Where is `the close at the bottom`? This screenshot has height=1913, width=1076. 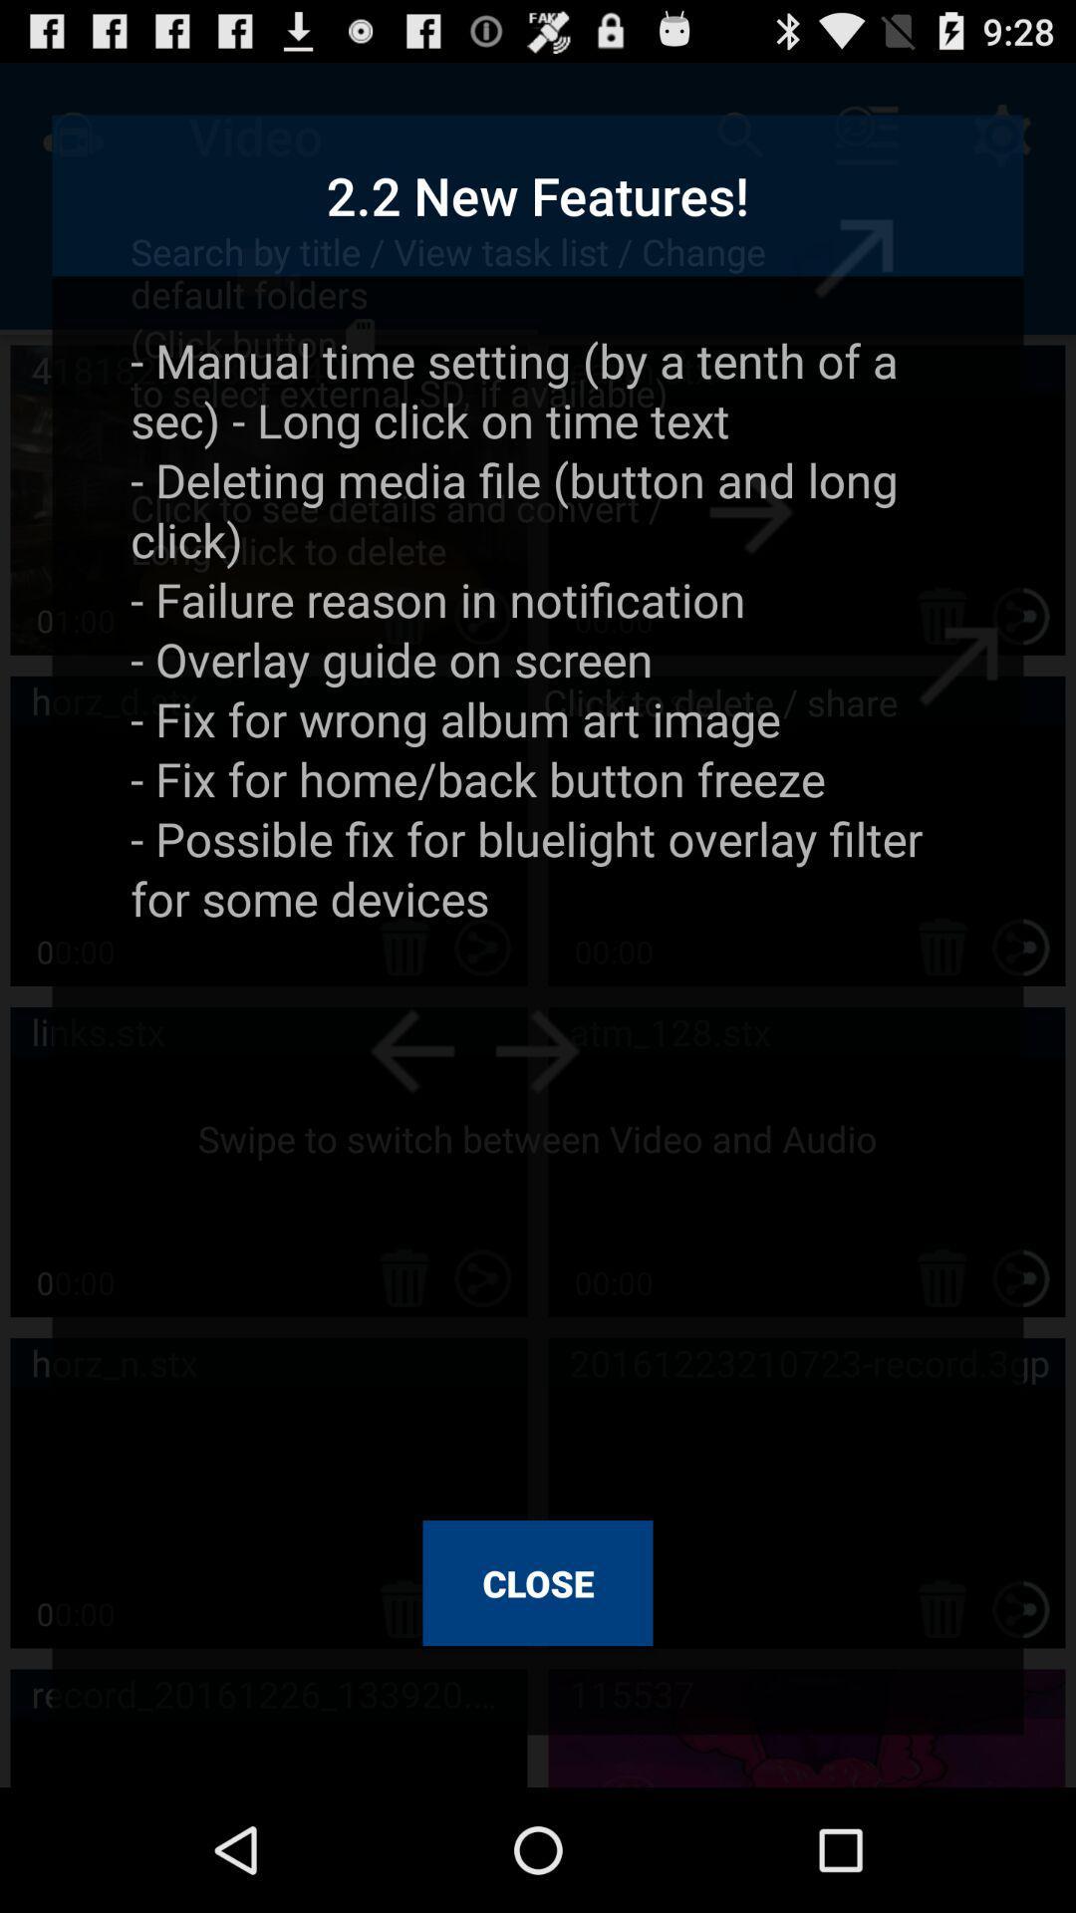
the close at the bottom is located at coordinates (538, 1582).